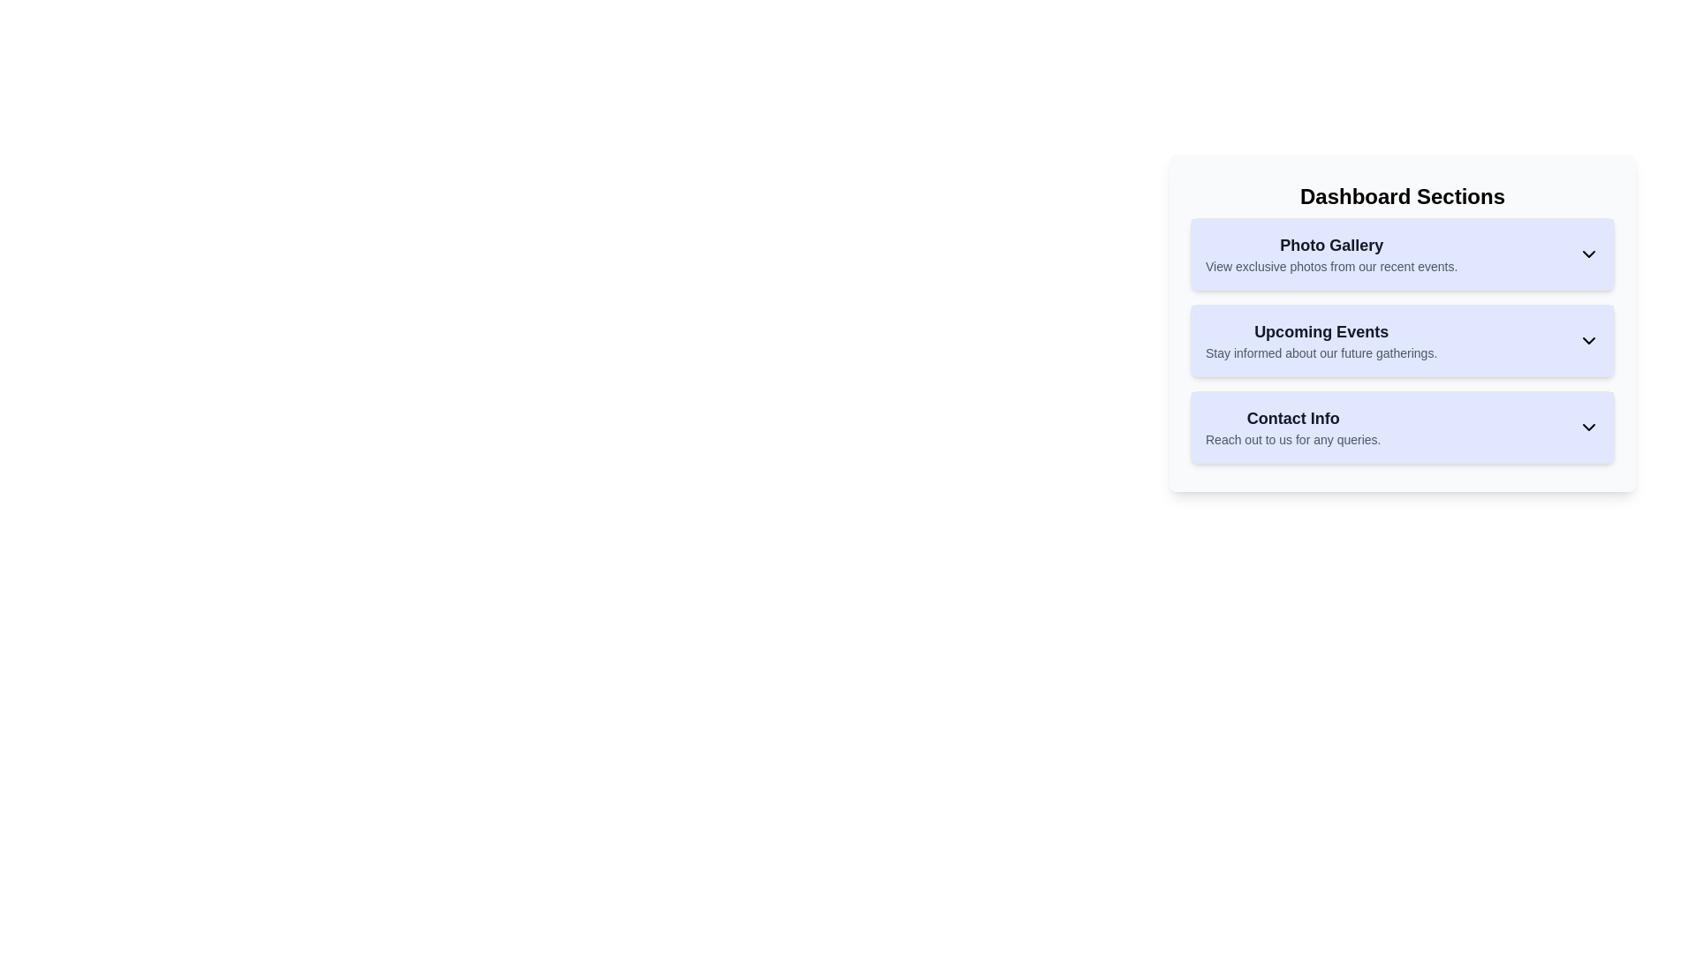  What do you see at coordinates (1331, 245) in the screenshot?
I see `the title text label of the collapsible section in the 'Dashboard Sections' card` at bounding box center [1331, 245].